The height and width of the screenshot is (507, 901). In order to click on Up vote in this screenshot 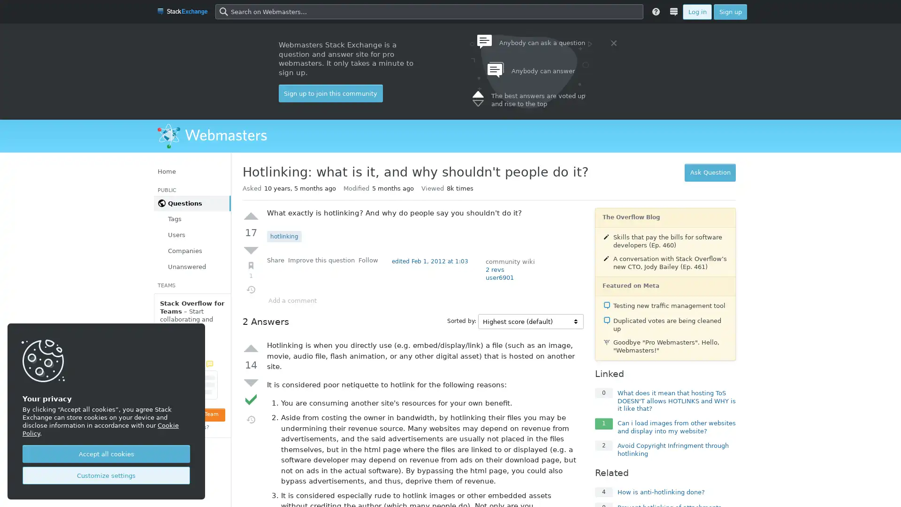, I will do `click(251, 349)`.